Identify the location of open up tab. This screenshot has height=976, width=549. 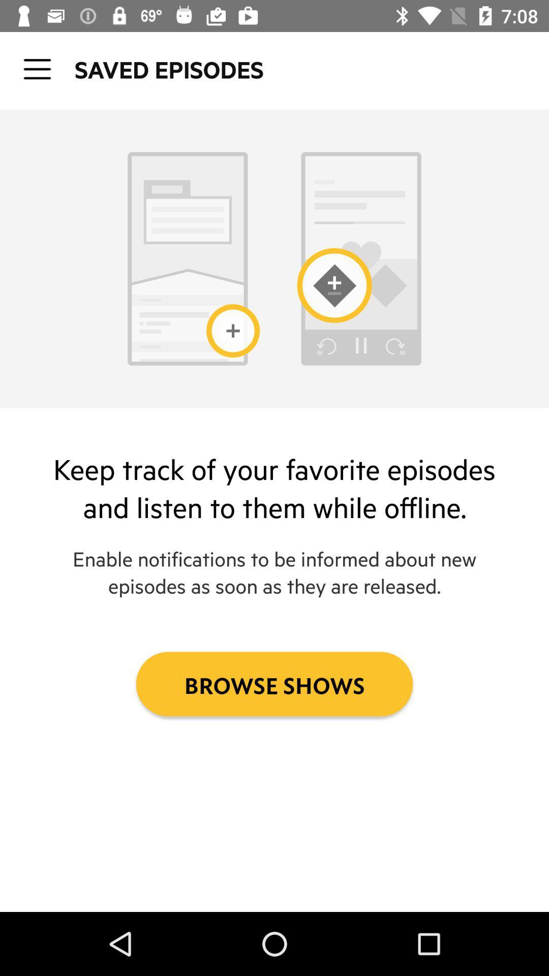
(37, 69).